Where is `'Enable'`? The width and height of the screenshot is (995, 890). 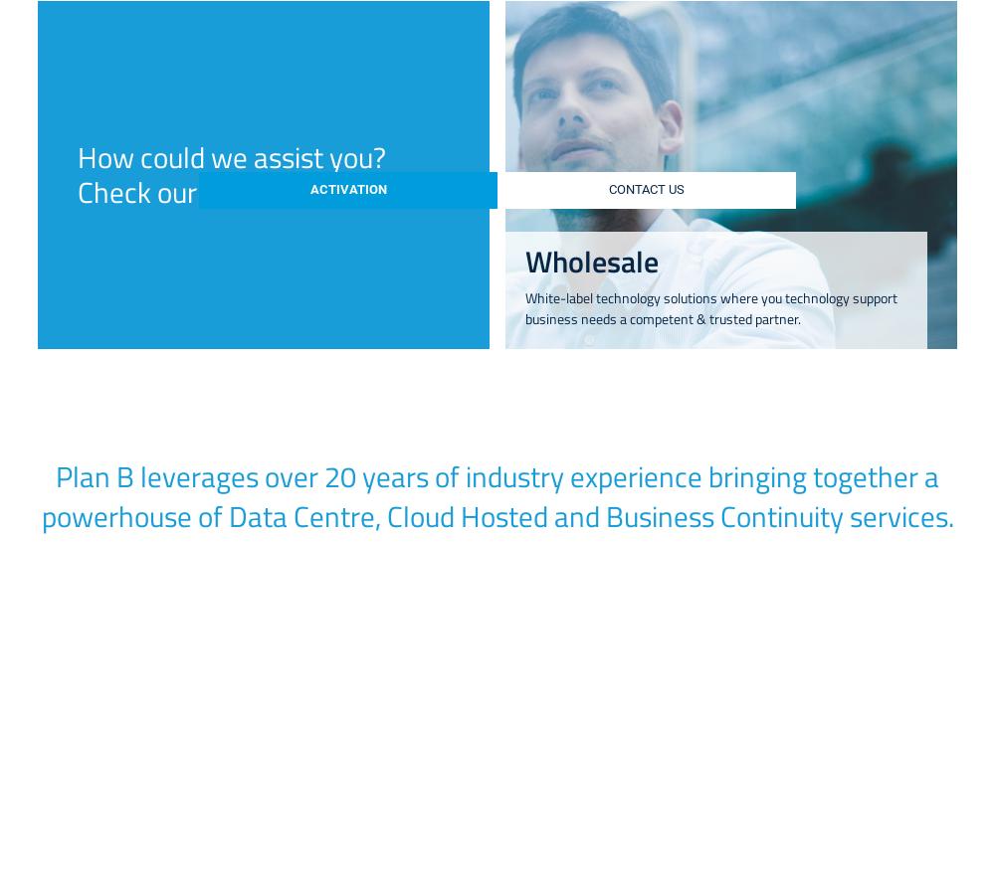
'Enable' is located at coordinates (774, 704).